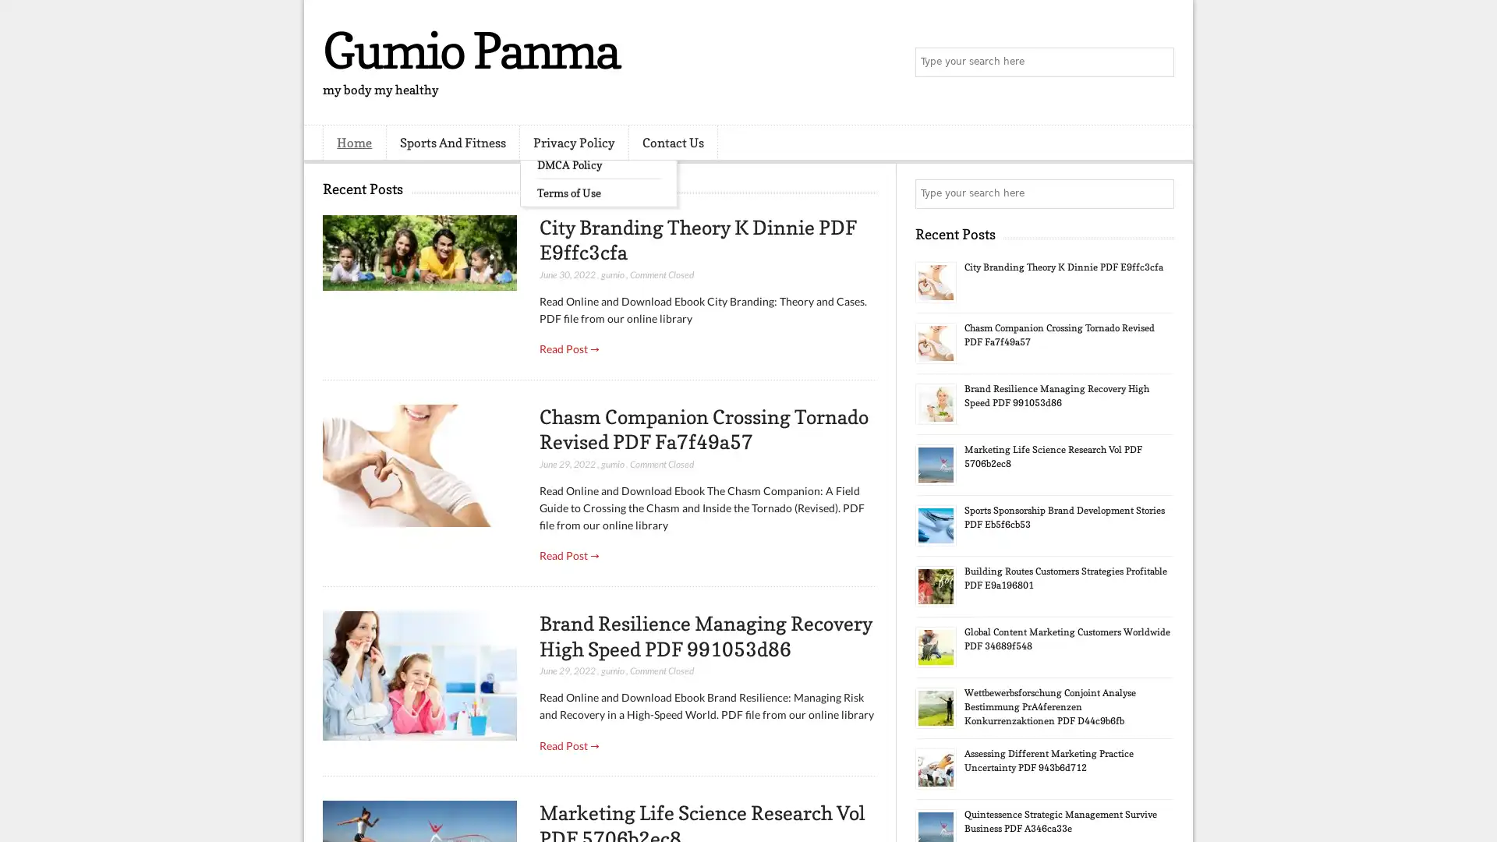 This screenshot has height=842, width=1497. What do you see at coordinates (1158, 62) in the screenshot?
I see `Search` at bounding box center [1158, 62].